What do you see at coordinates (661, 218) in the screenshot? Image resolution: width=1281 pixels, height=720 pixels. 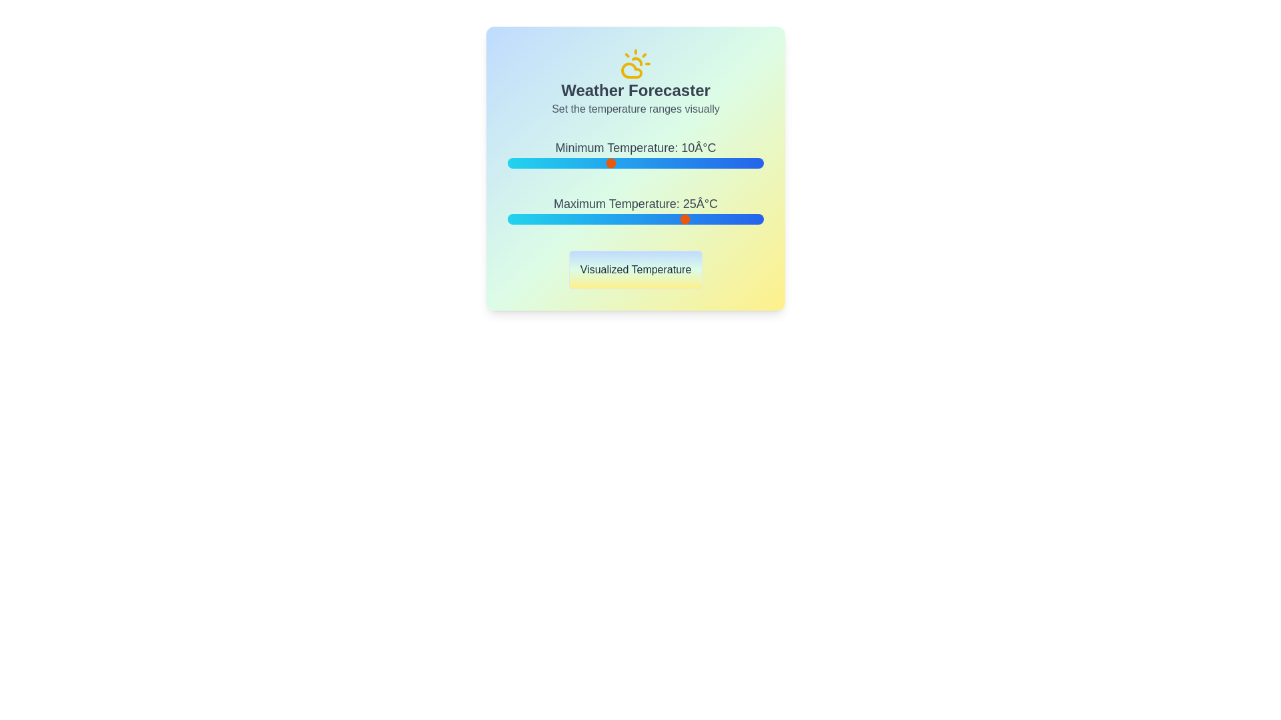 I see `the maximum temperature slider to 20°C` at bounding box center [661, 218].